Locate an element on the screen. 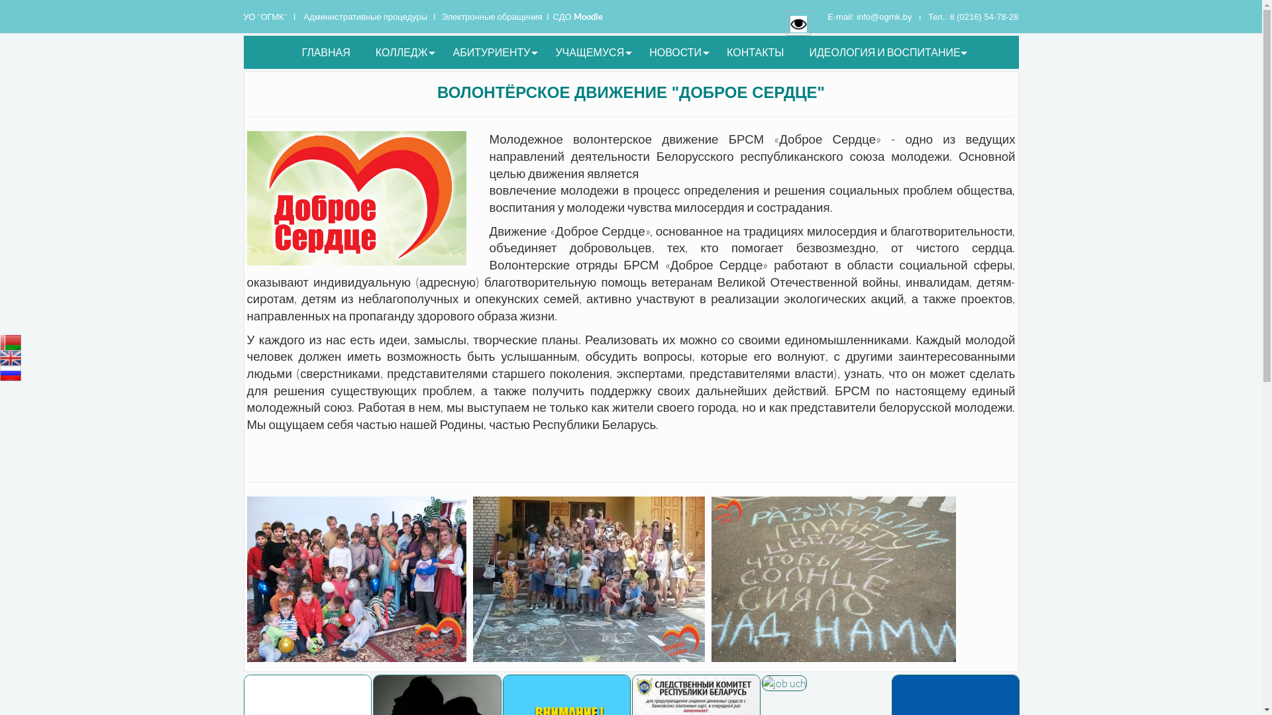  'English' is located at coordinates (10, 358).